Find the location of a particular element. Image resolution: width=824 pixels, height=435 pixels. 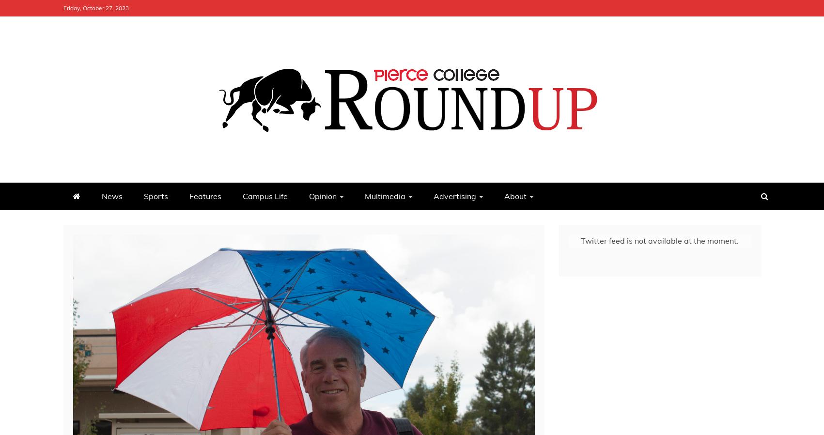

'Friday, October 27, 2023' is located at coordinates (95, 7).